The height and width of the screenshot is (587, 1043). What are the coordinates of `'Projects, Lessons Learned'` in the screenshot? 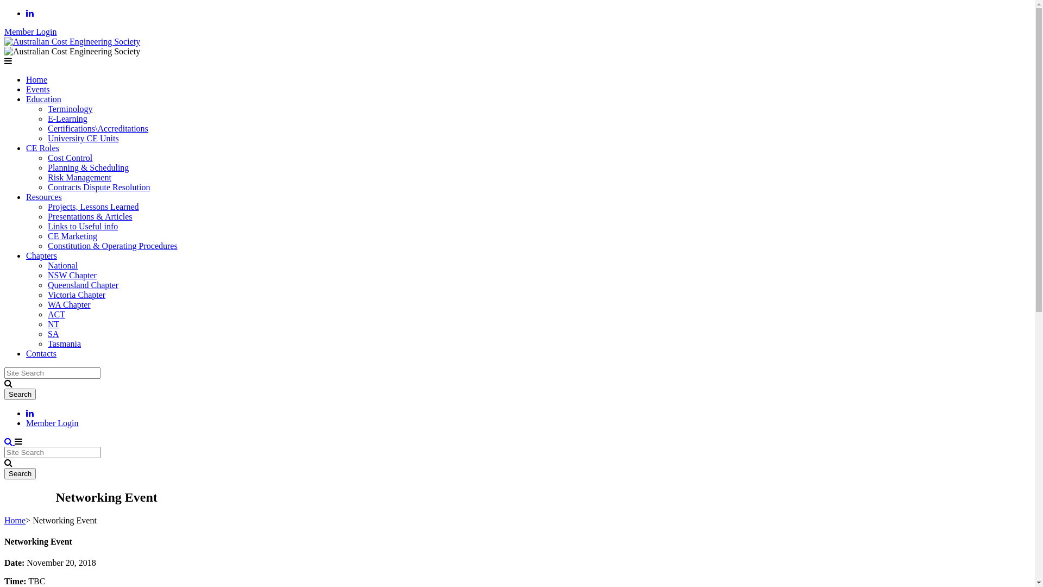 It's located at (47, 207).